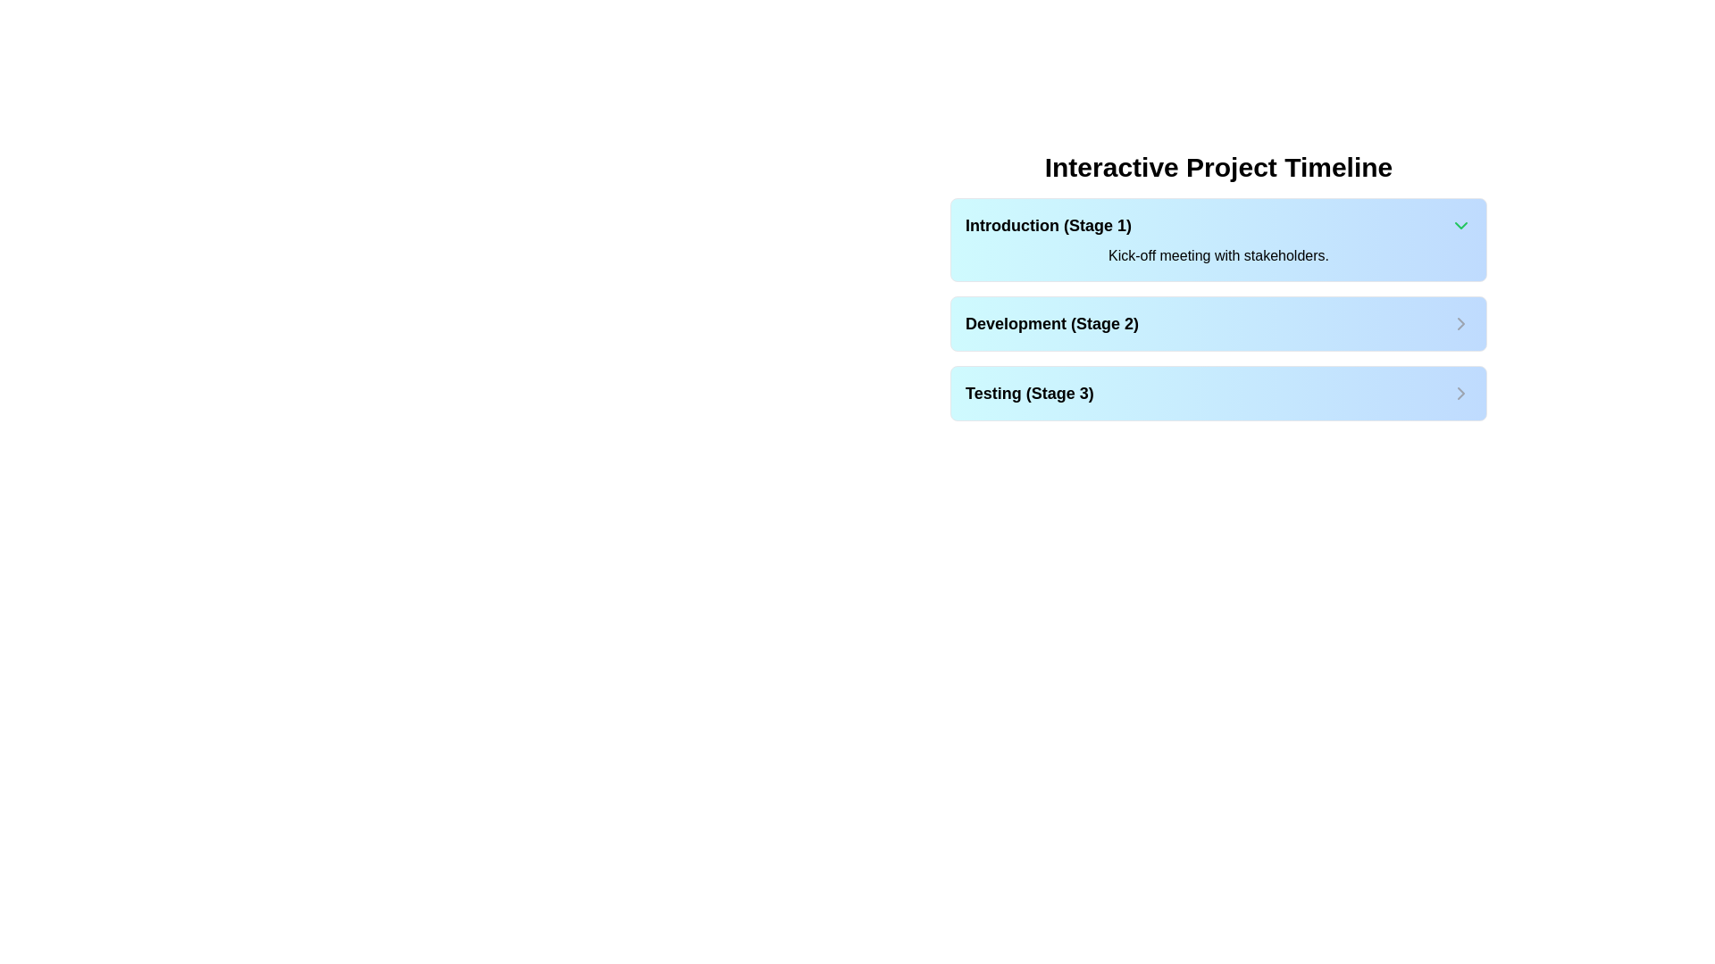  I want to click on the text label displaying 'Kick-off meeting with stakeholders.' which is located in the 'Introduction (Stage 1)' section of the project timeline, so click(1217, 255).